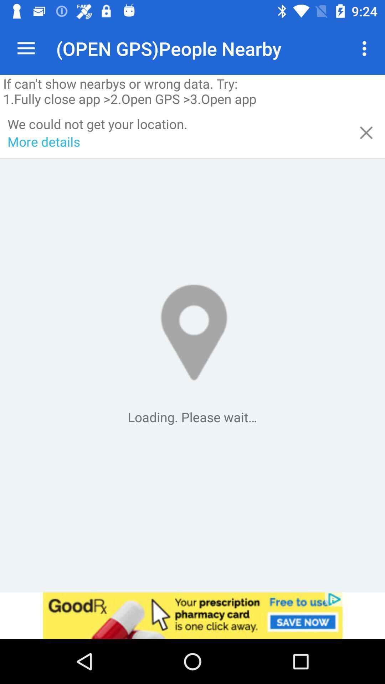  What do you see at coordinates (192, 615) in the screenshot?
I see `advertisements image` at bounding box center [192, 615].